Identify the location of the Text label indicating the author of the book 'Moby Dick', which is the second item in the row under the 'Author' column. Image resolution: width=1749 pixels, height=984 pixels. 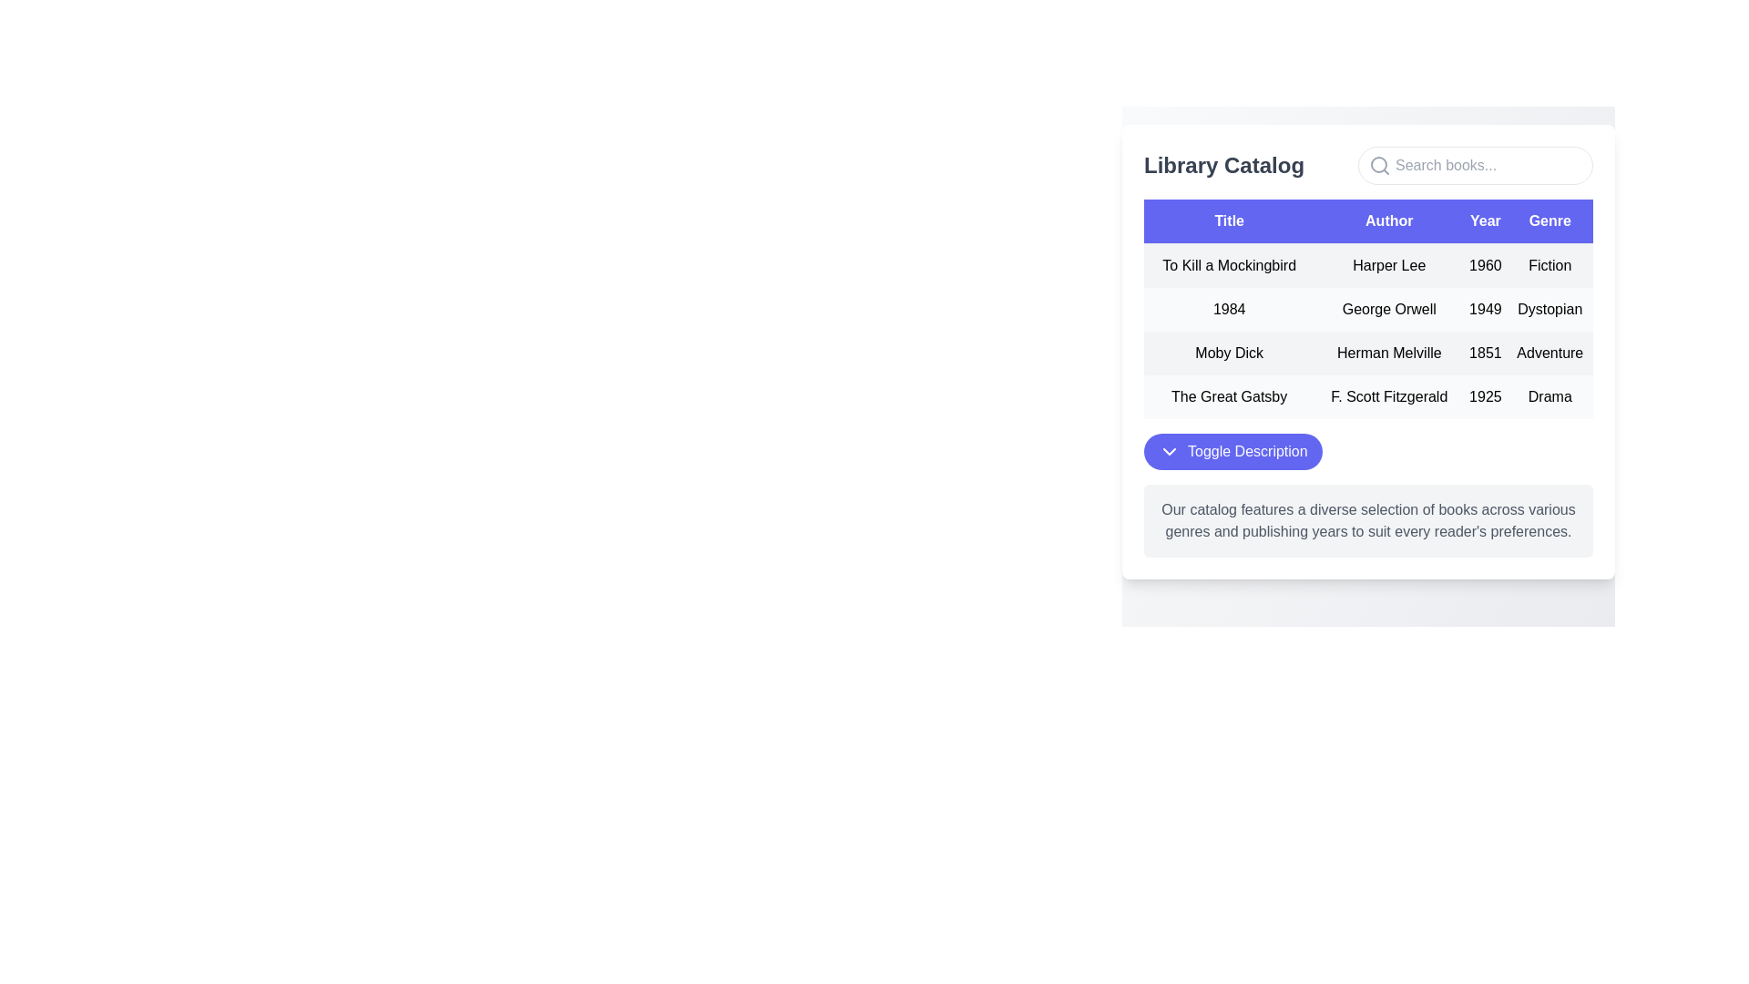
(1388, 354).